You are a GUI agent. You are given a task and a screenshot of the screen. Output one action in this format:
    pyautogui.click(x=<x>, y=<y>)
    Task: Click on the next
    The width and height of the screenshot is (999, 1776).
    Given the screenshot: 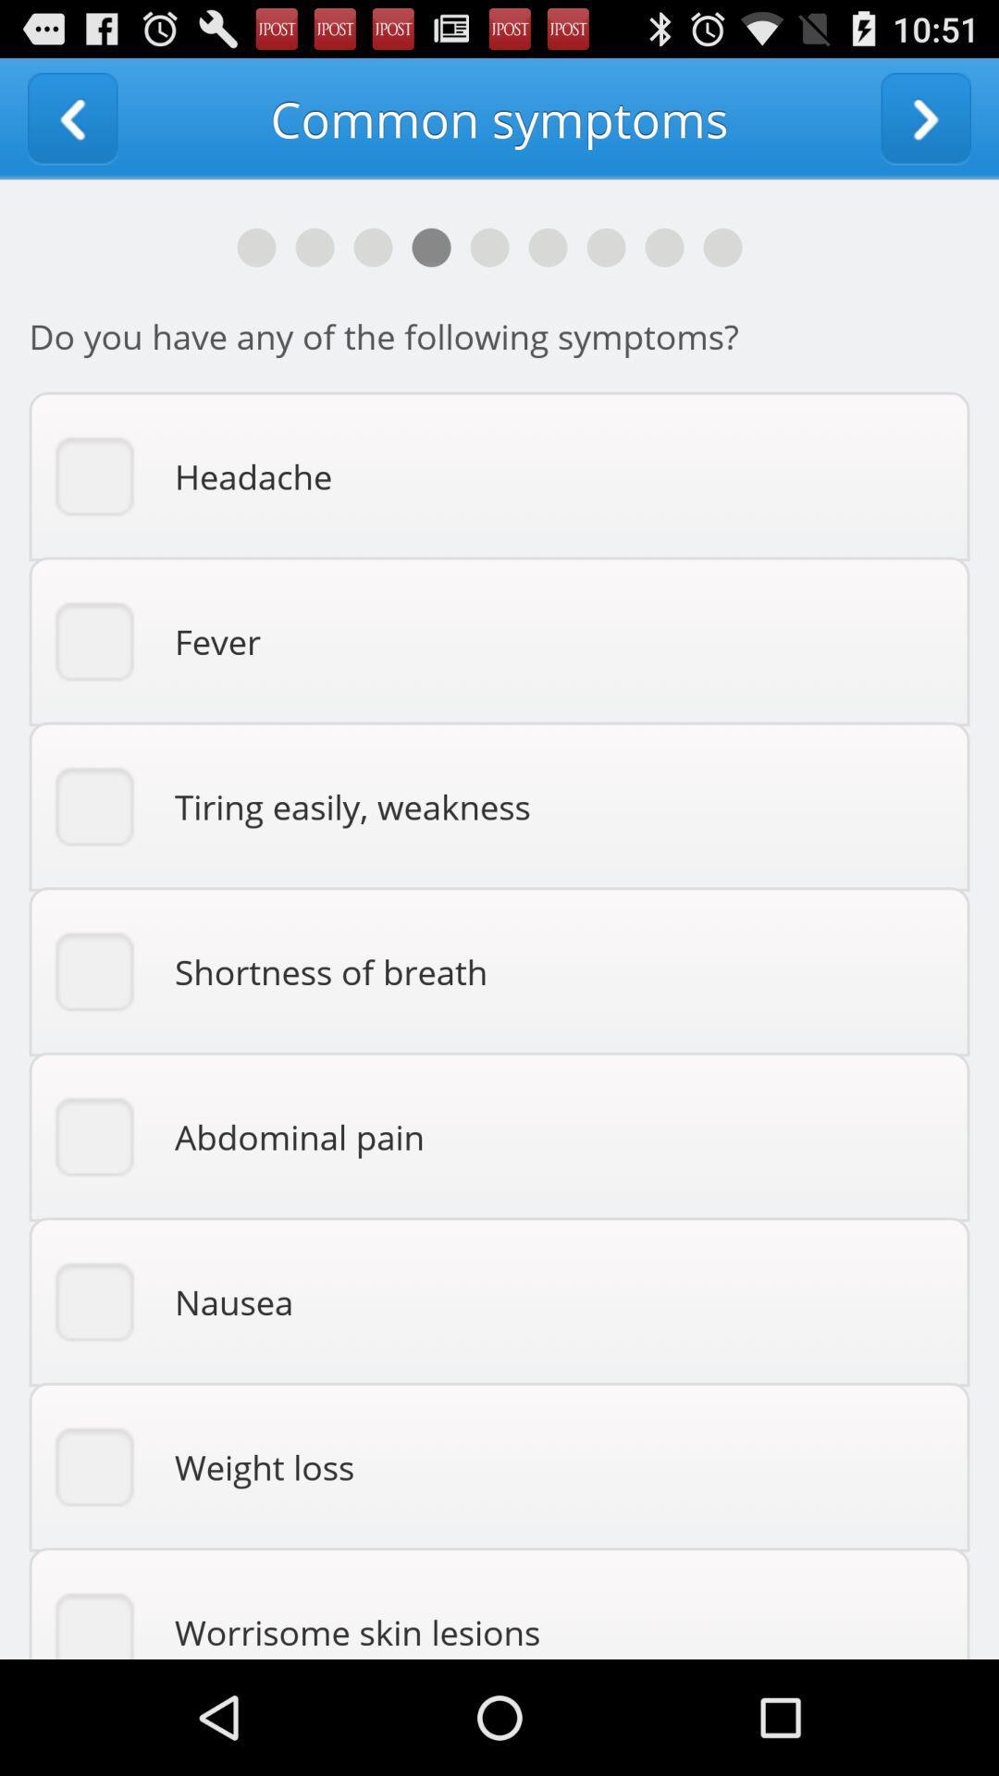 What is the action you would take?
    pyautogui.click(x=926, y=117)
    